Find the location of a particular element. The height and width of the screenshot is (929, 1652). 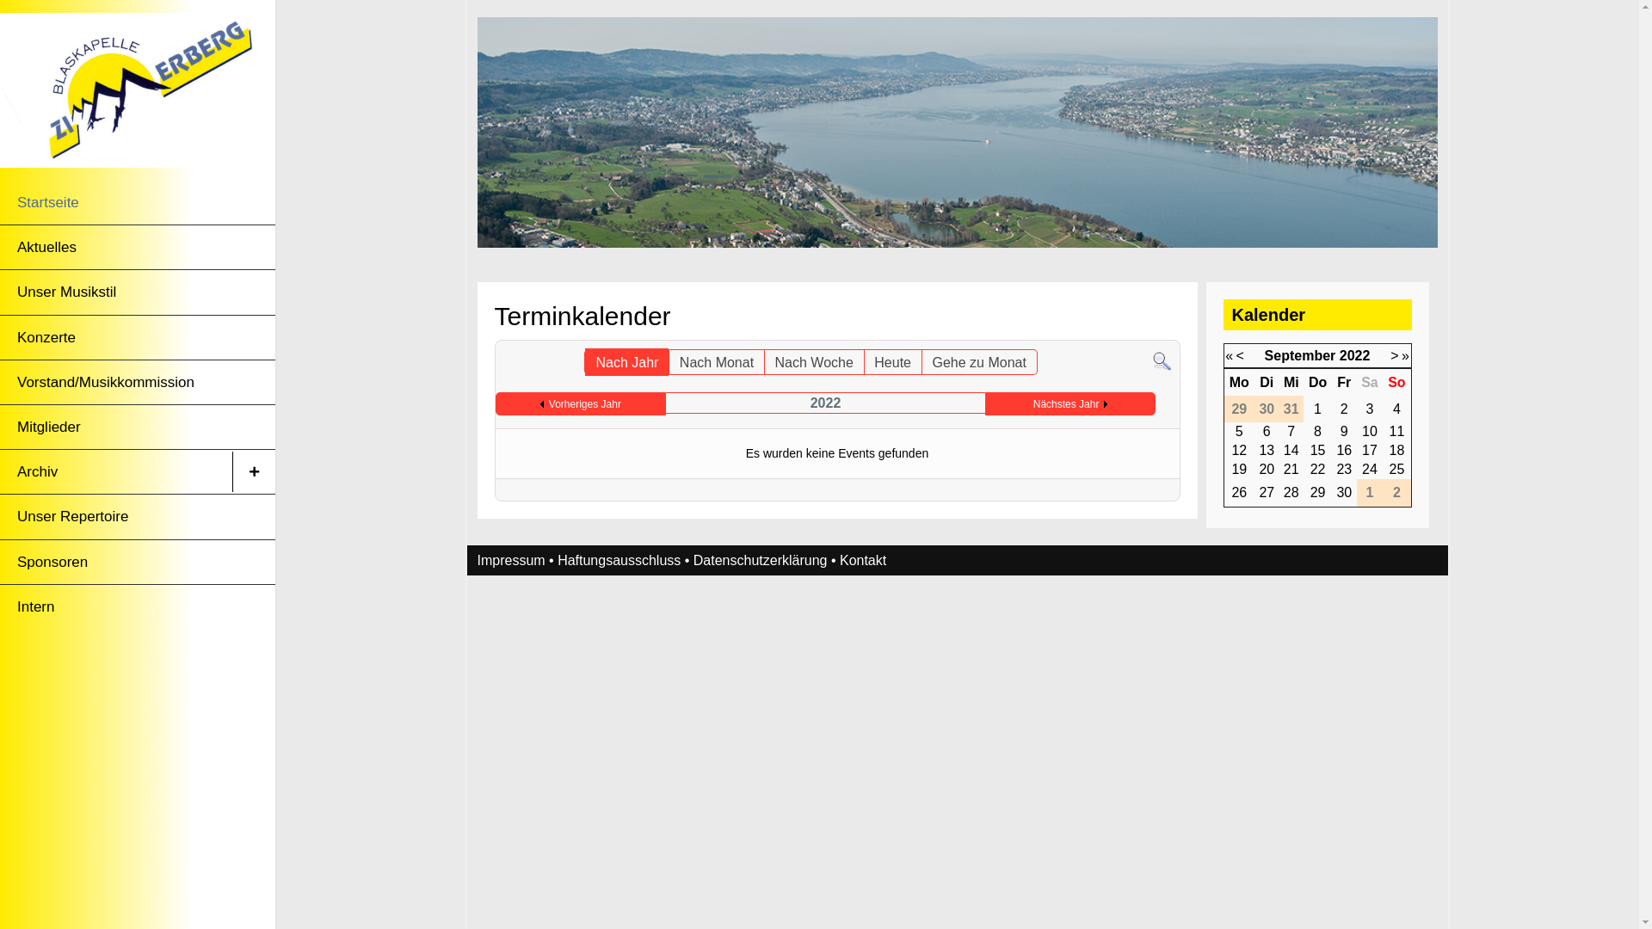

'27' is located at coordinates (1267, 492).